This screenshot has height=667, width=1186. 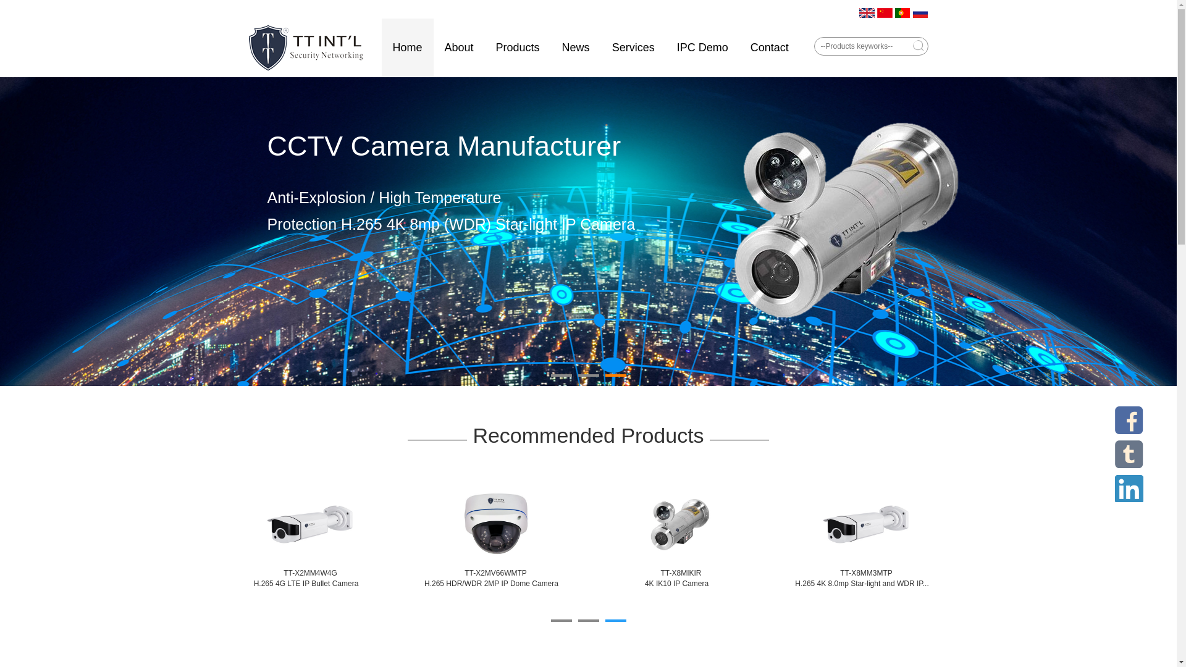 I want to click on 'Contact', so click(x=769, y=47).